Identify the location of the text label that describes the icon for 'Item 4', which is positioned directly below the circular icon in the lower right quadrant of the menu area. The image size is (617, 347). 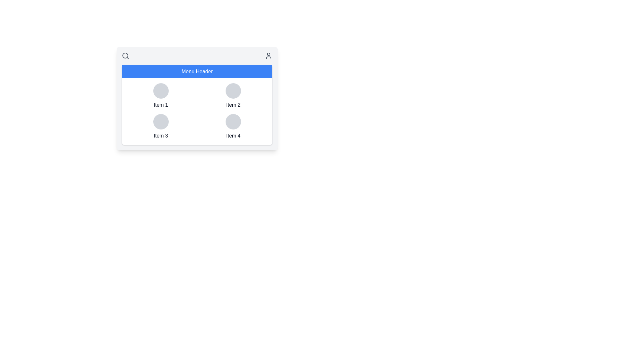
(233, 136).